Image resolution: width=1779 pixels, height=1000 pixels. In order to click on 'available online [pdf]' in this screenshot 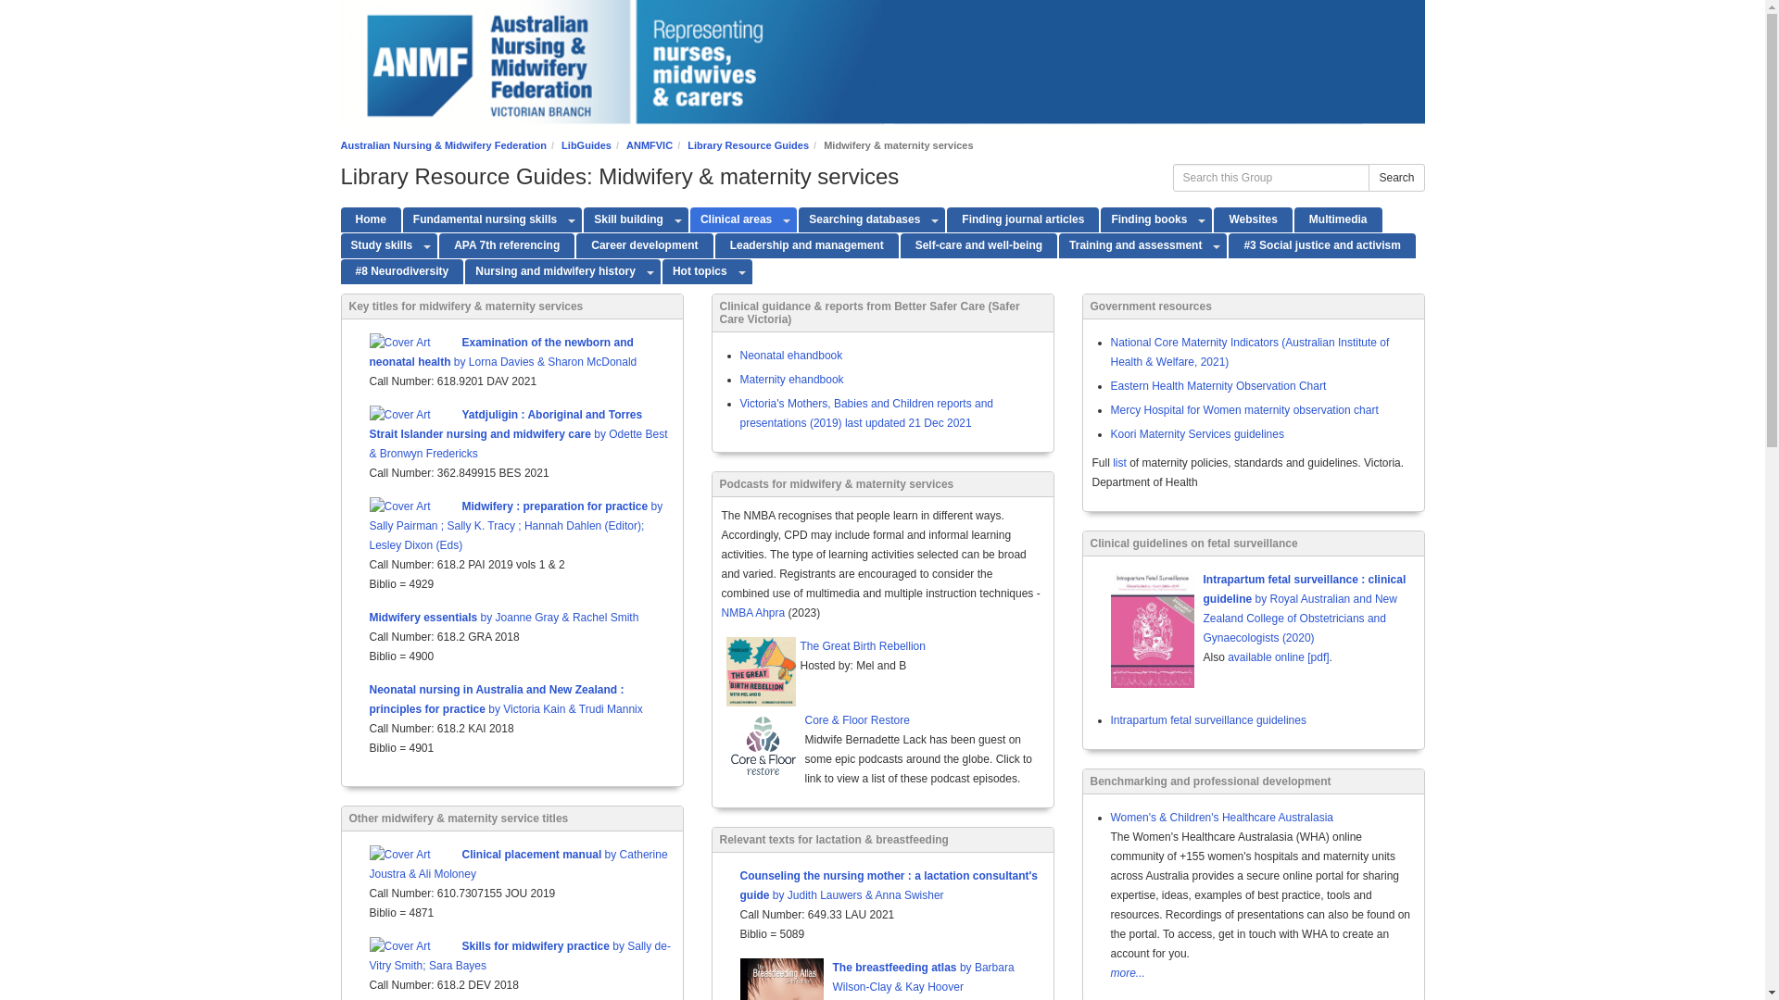, I will do `click(1277, 656)`.